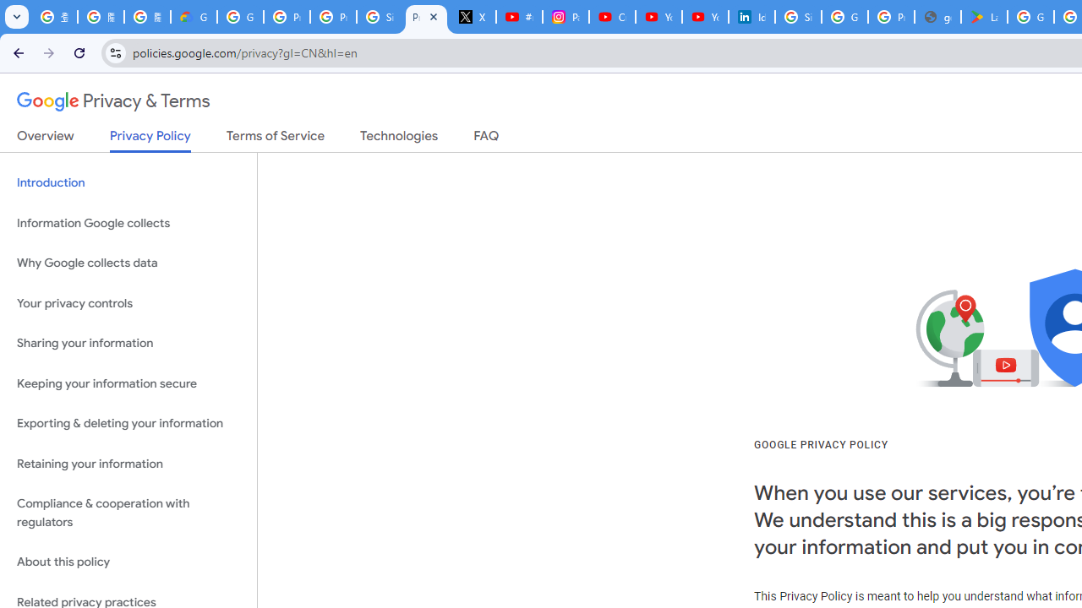  I want to click on 'Compliance & cooperation with regulators', so click(128, 513).